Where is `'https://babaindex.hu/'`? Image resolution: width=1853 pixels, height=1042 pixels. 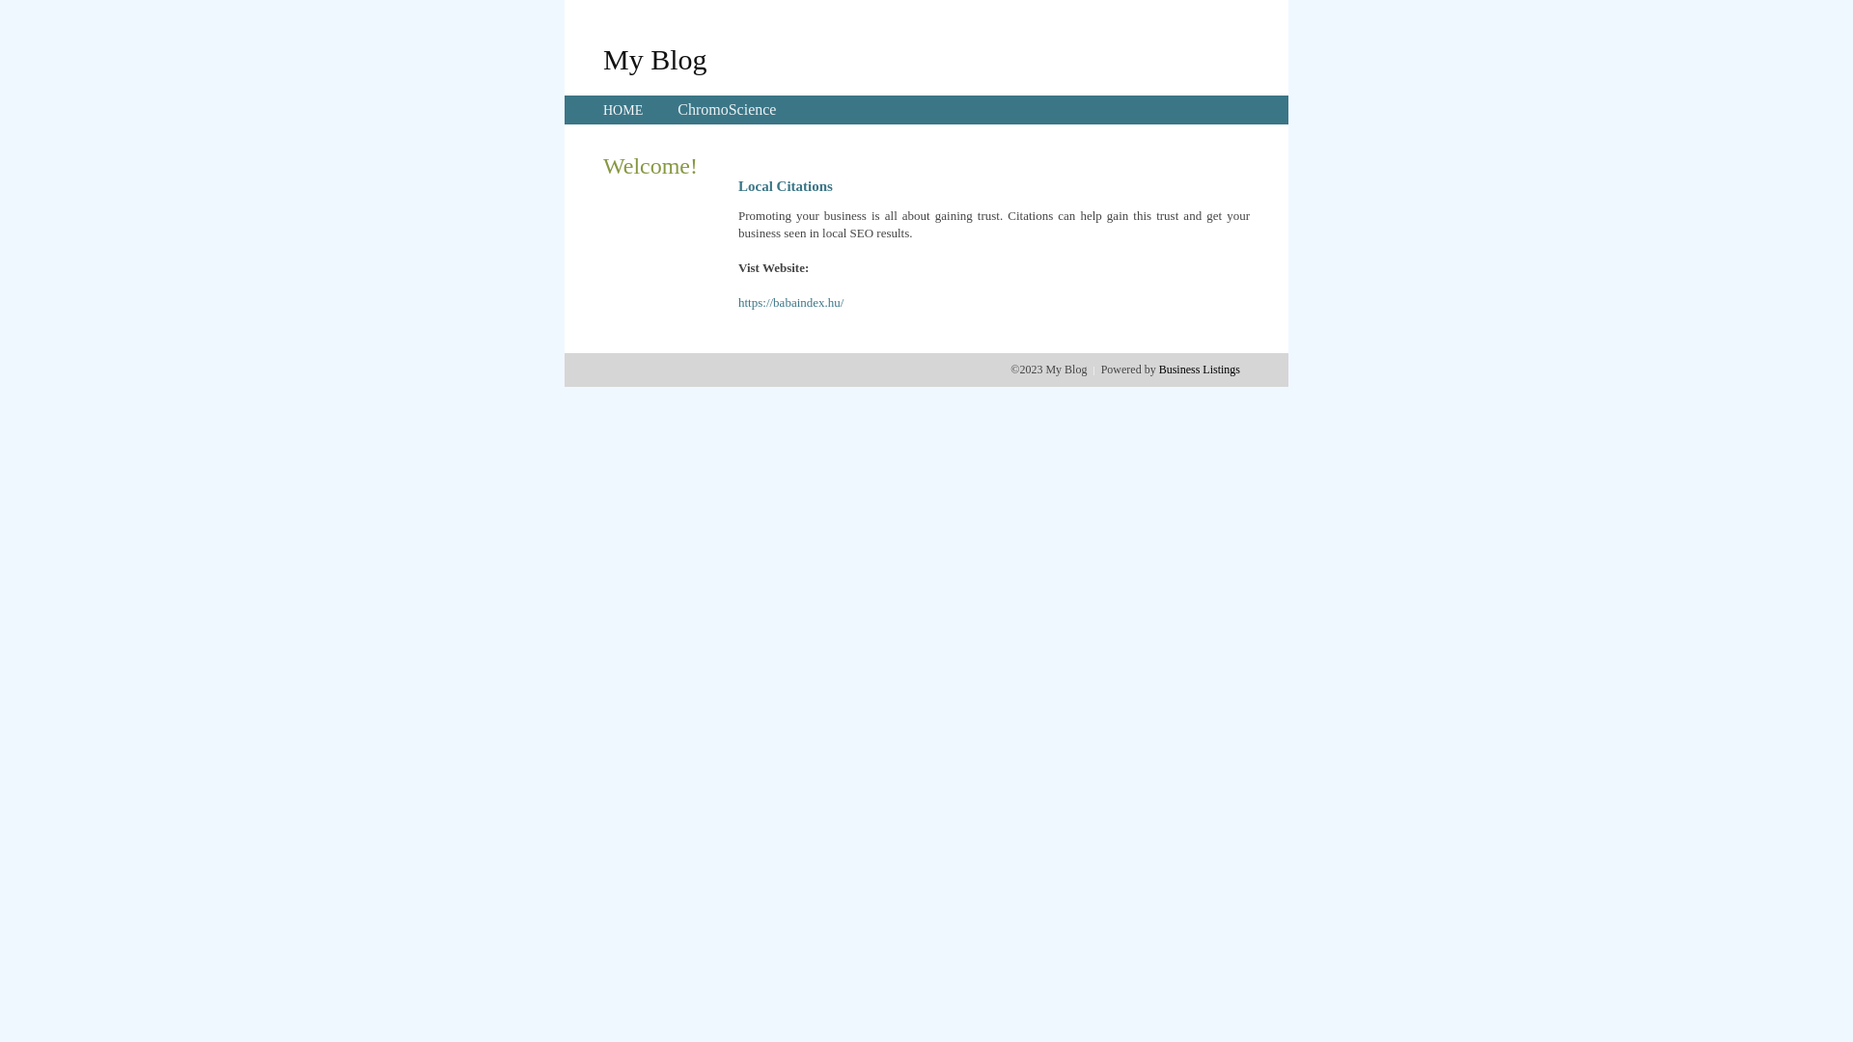
'https://babaindex.hu/' is located at coordinates (790, 302).